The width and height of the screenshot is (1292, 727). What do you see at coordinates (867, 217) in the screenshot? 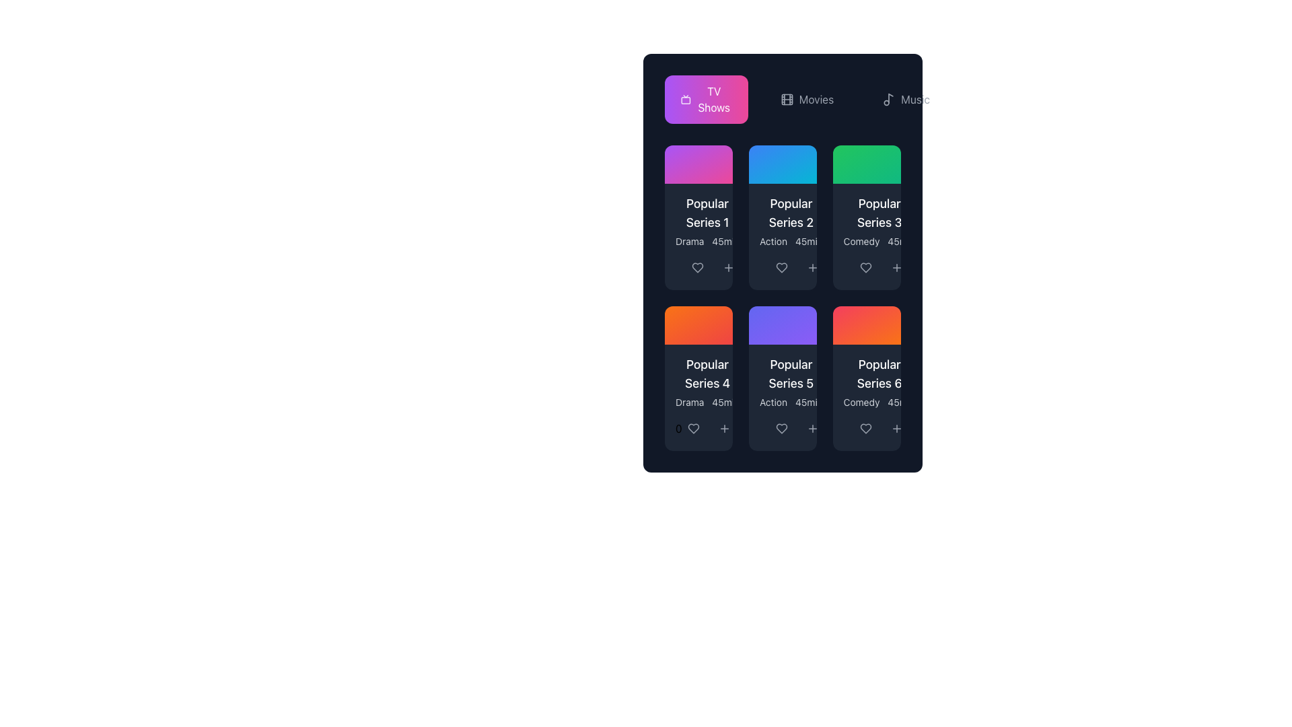
I see `the third card in the first row of the grid labeled 'Popular Series 3'` at bounding box center [867, 217].